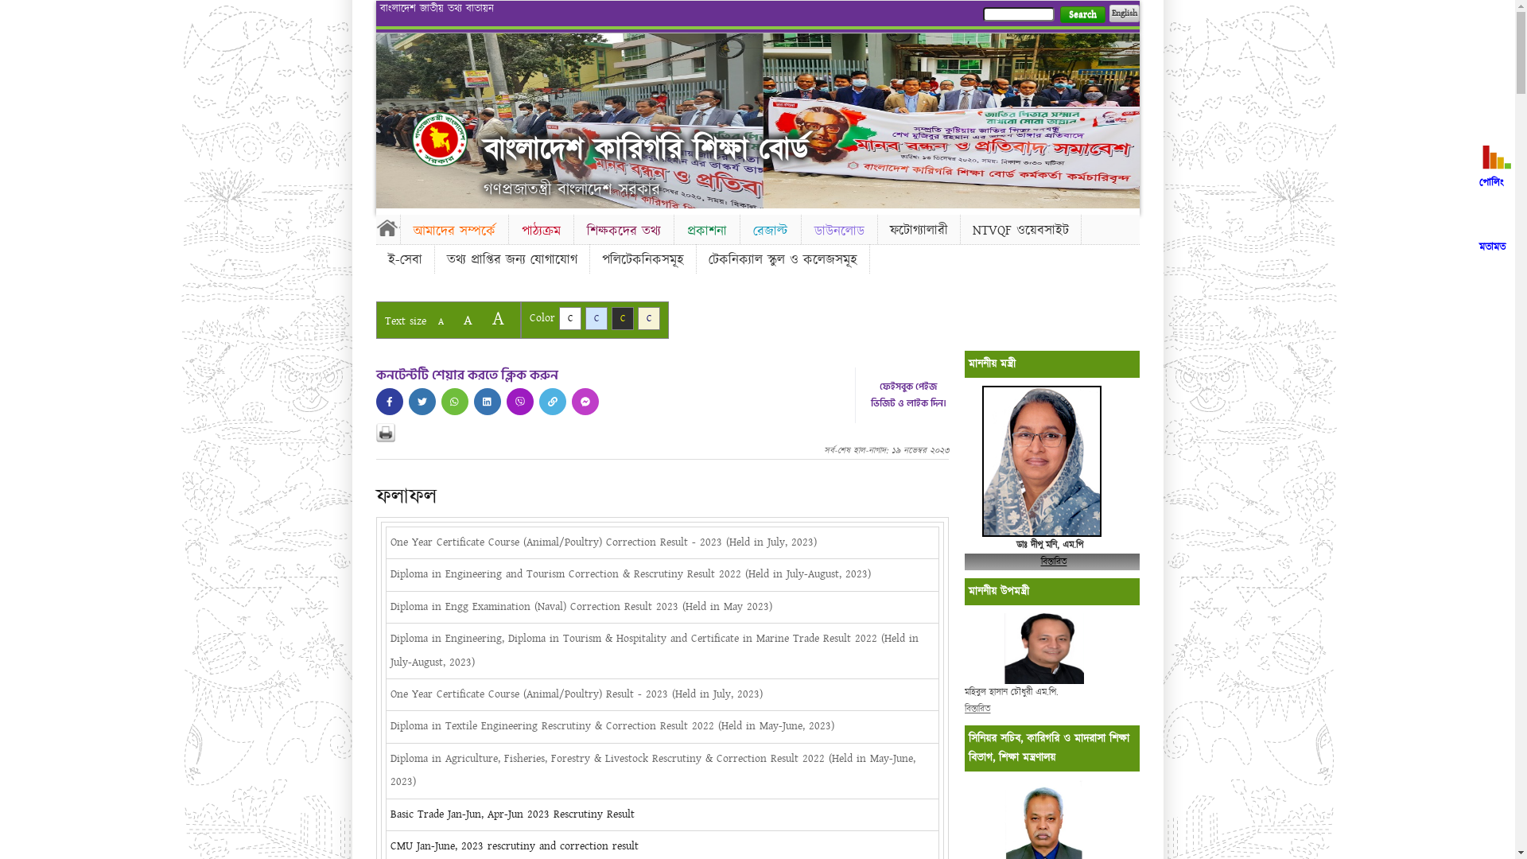 The image size is (1527, 859). What do you see at coordinates (569, 318) in the screenshot?
I see `'C'` at bounding box center [569, 318].